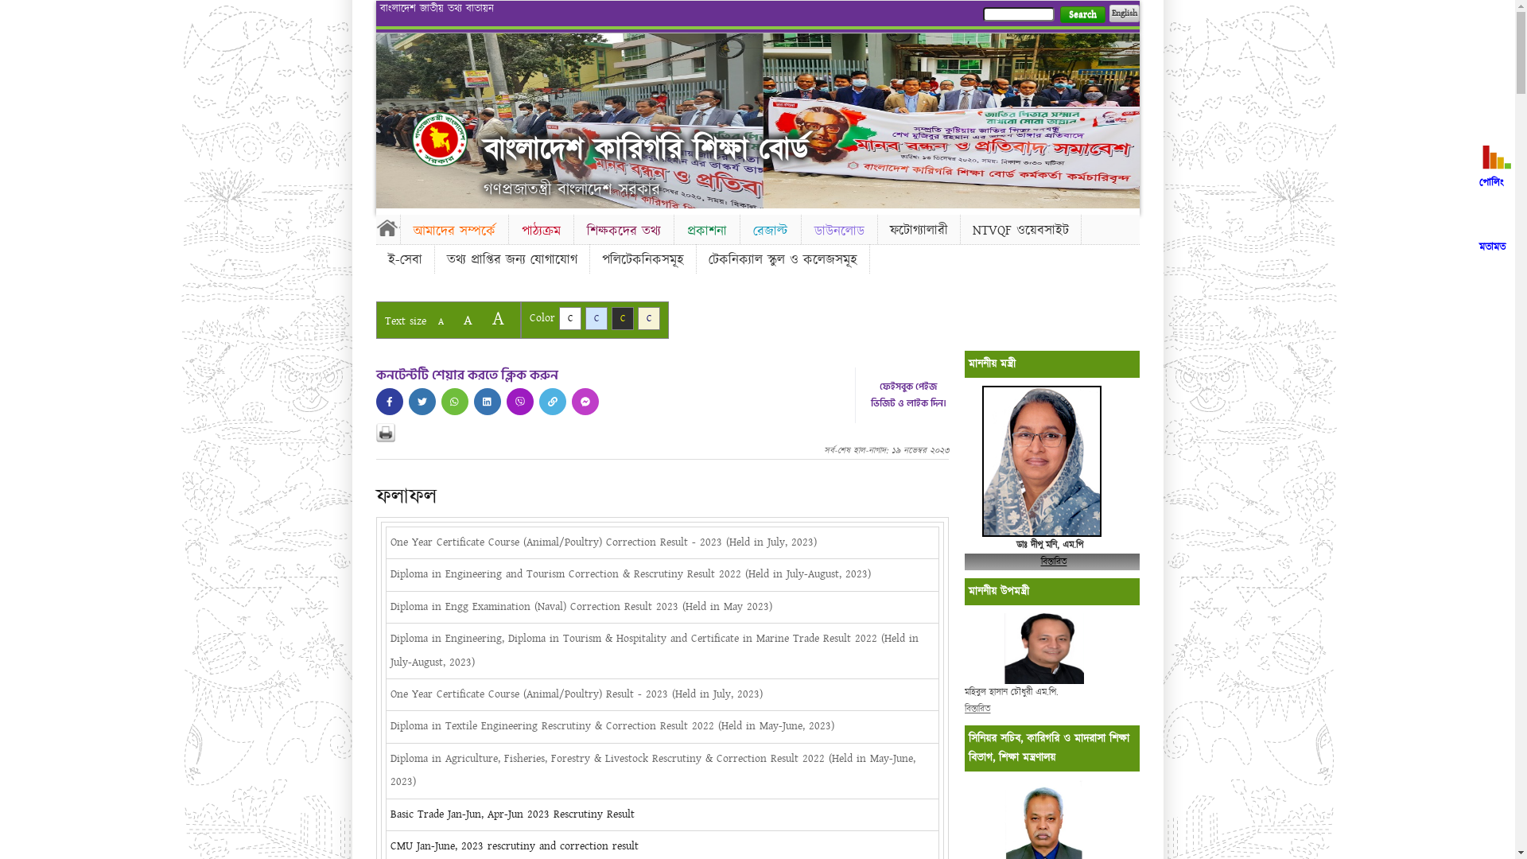 The image size is (1527, 859). What do you see at coordinates (569, 318) in the screenshot?
I see `'C'` at bounding box center [569, 318].